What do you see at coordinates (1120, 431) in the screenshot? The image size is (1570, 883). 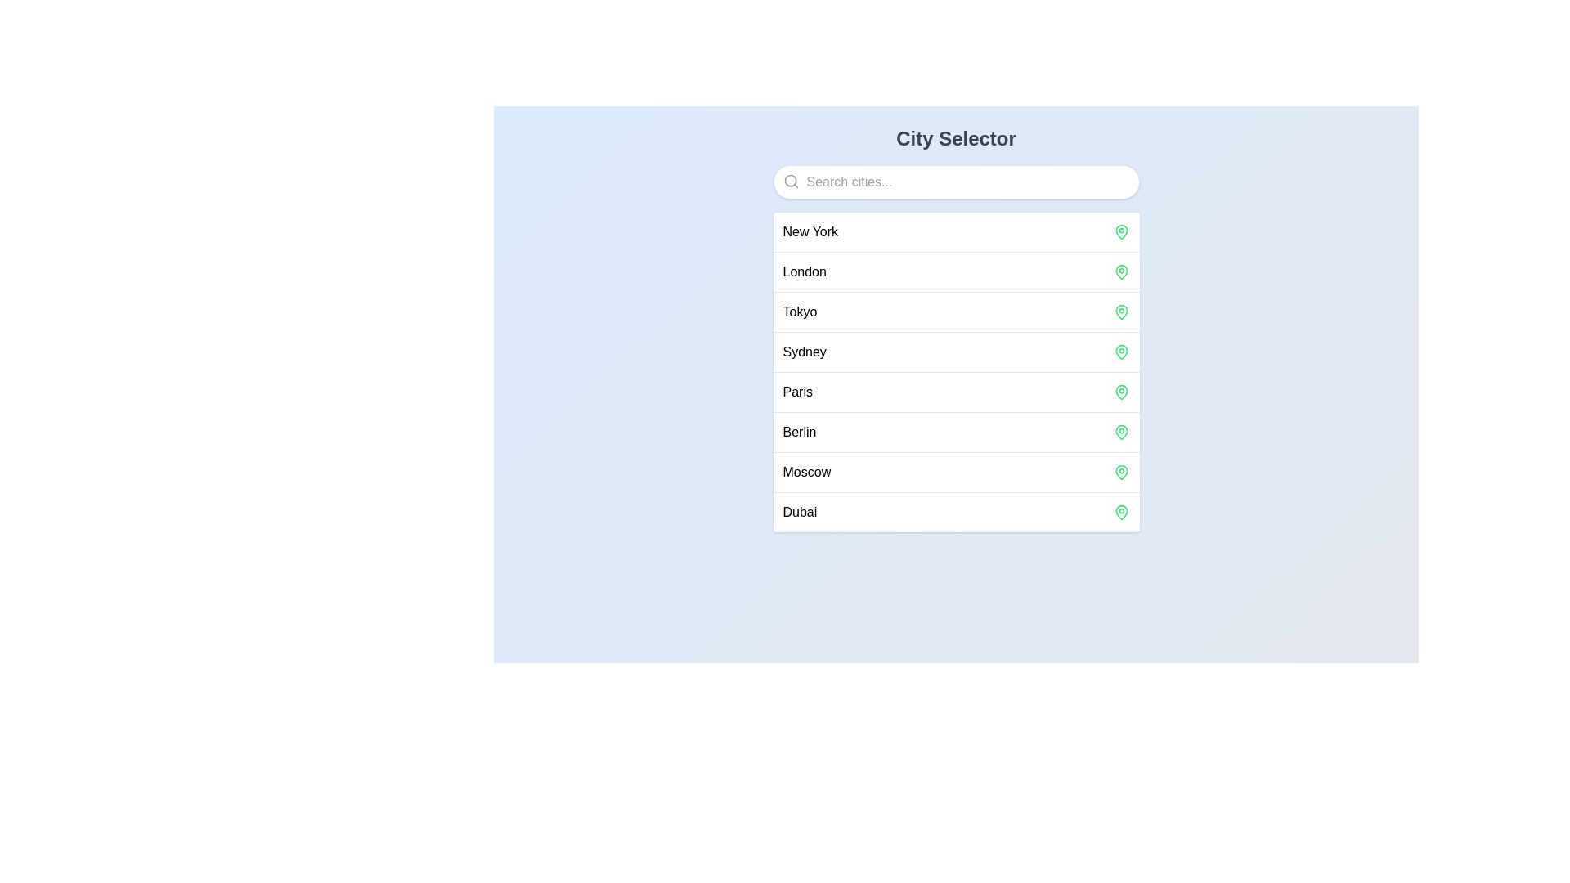 I see `the green SVG map pin icon located to the right of the text 'Berlin'` at bounding box center [1120, 431].